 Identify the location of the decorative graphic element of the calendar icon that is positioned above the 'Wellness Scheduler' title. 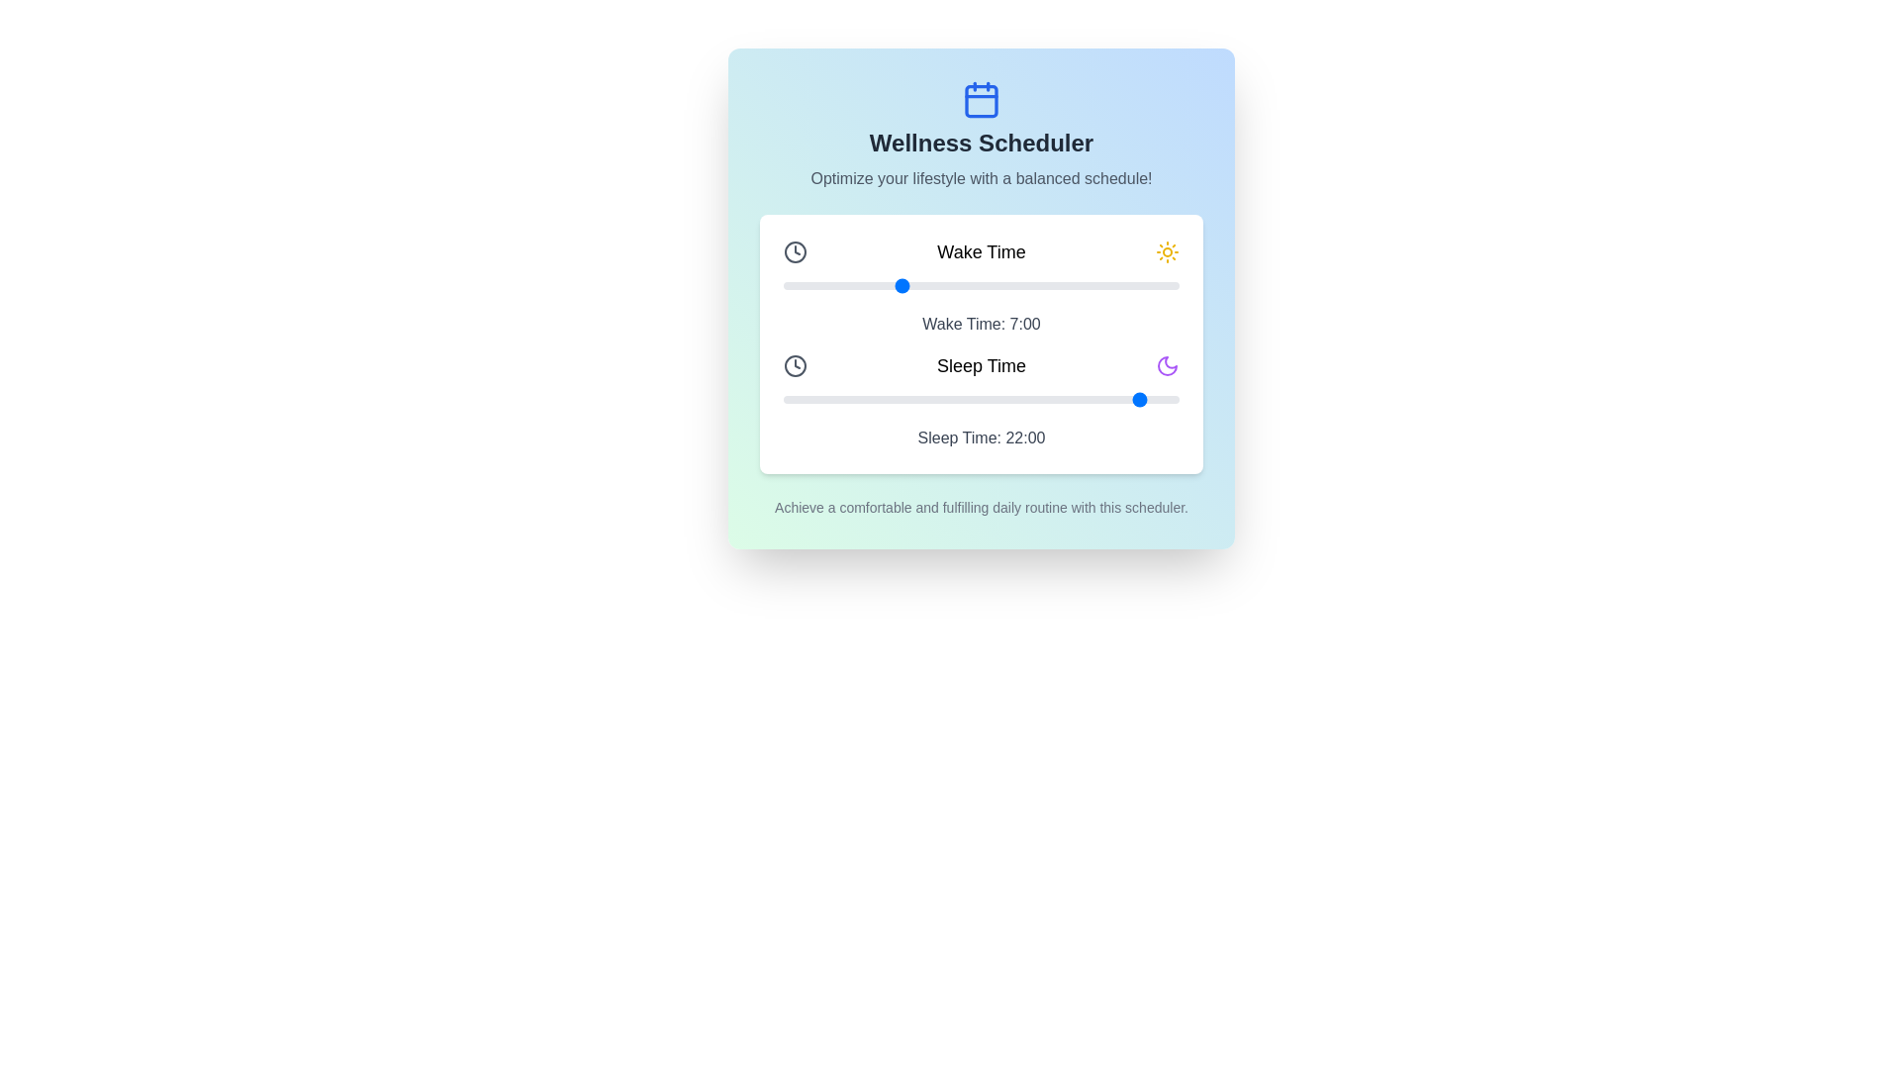
(982, 100).